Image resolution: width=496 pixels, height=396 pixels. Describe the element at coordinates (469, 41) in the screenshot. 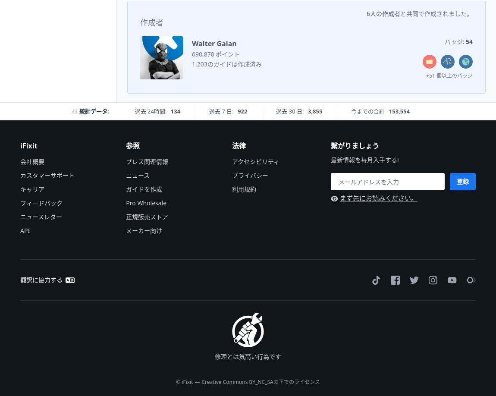

I see `'54'` at that location.